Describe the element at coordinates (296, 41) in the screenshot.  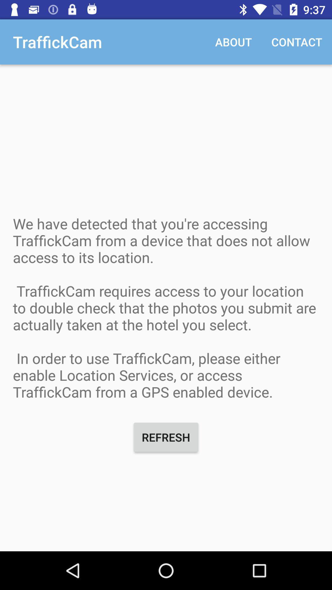
I see `the item to the right of about item` at that location.